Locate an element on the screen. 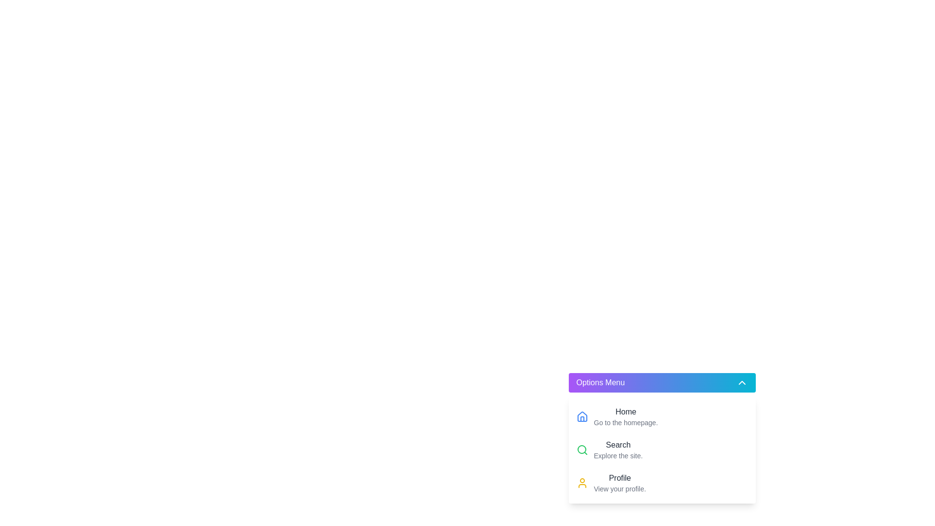 This screenshot has height=526, width=935. the 'Profile' text label in the 'Options Menu' for accessibility navigation is located at coordinates (619, 478).